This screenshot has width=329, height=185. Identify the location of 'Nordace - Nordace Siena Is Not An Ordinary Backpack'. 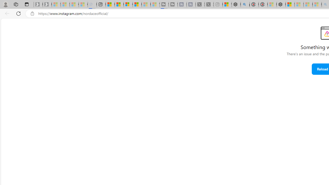
(281, 4).